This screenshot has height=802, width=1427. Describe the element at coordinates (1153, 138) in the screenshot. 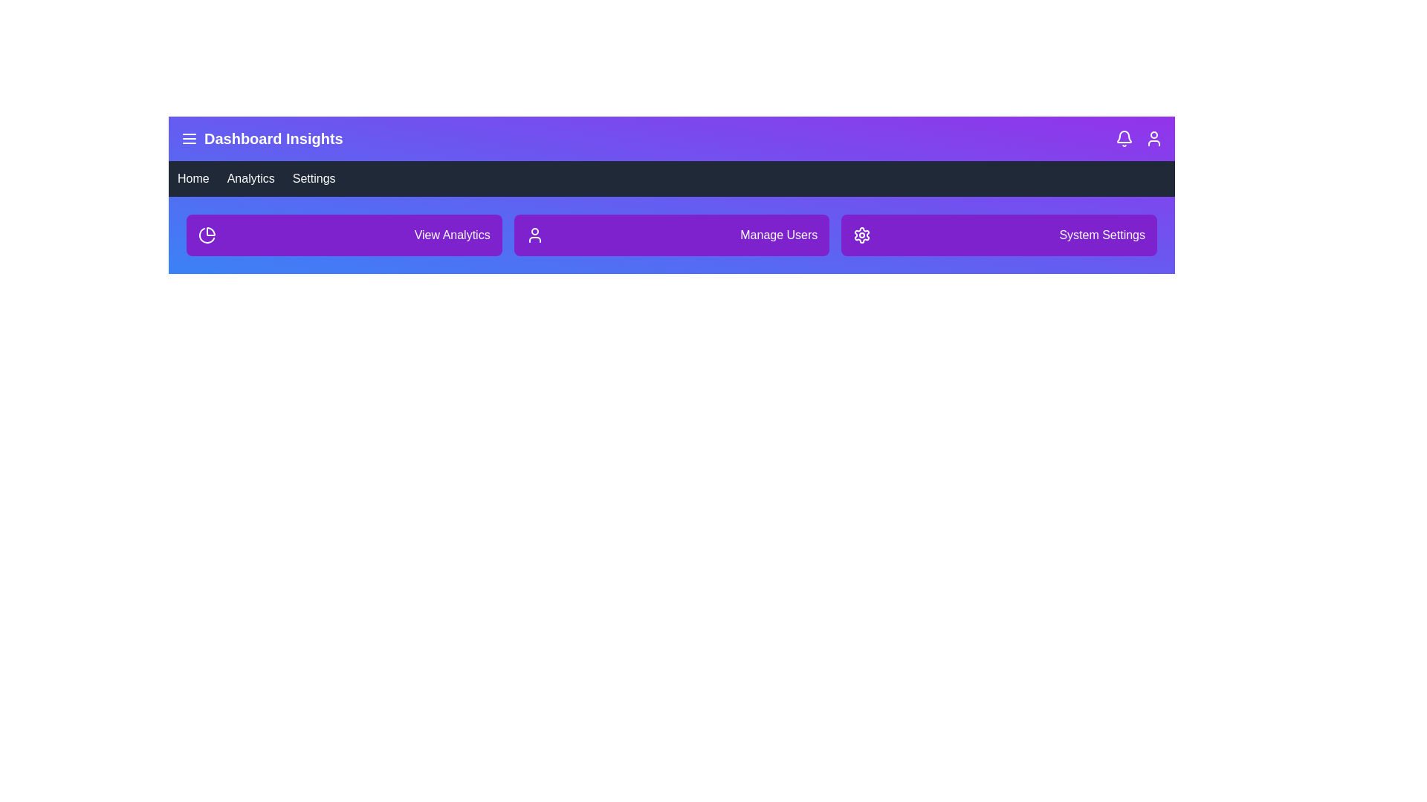

I see `the user icon in the header` at that location.